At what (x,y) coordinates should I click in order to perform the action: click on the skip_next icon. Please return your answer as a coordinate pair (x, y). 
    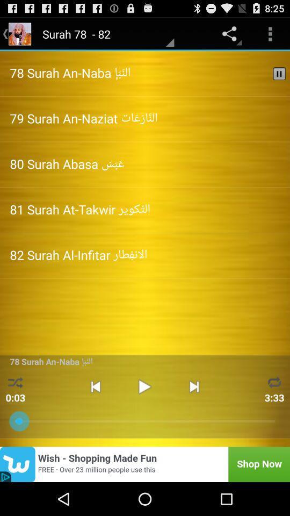
    Looking at the image, I should click on (193, 413).